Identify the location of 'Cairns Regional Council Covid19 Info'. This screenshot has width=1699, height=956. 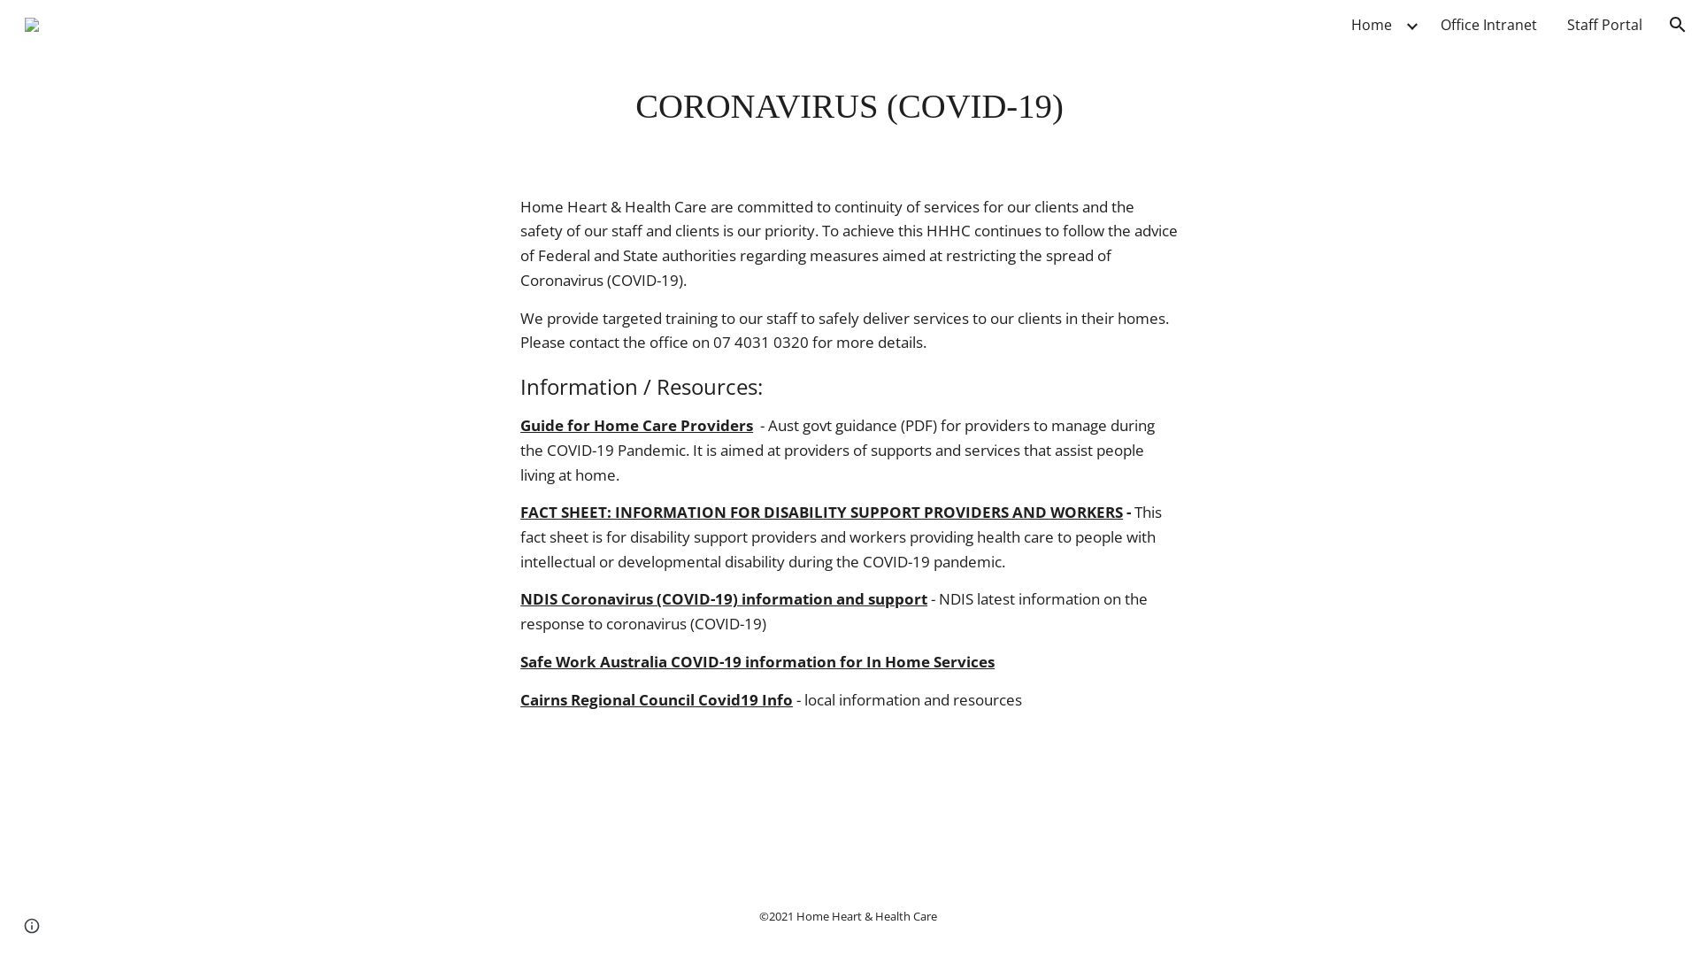
(656, 698).